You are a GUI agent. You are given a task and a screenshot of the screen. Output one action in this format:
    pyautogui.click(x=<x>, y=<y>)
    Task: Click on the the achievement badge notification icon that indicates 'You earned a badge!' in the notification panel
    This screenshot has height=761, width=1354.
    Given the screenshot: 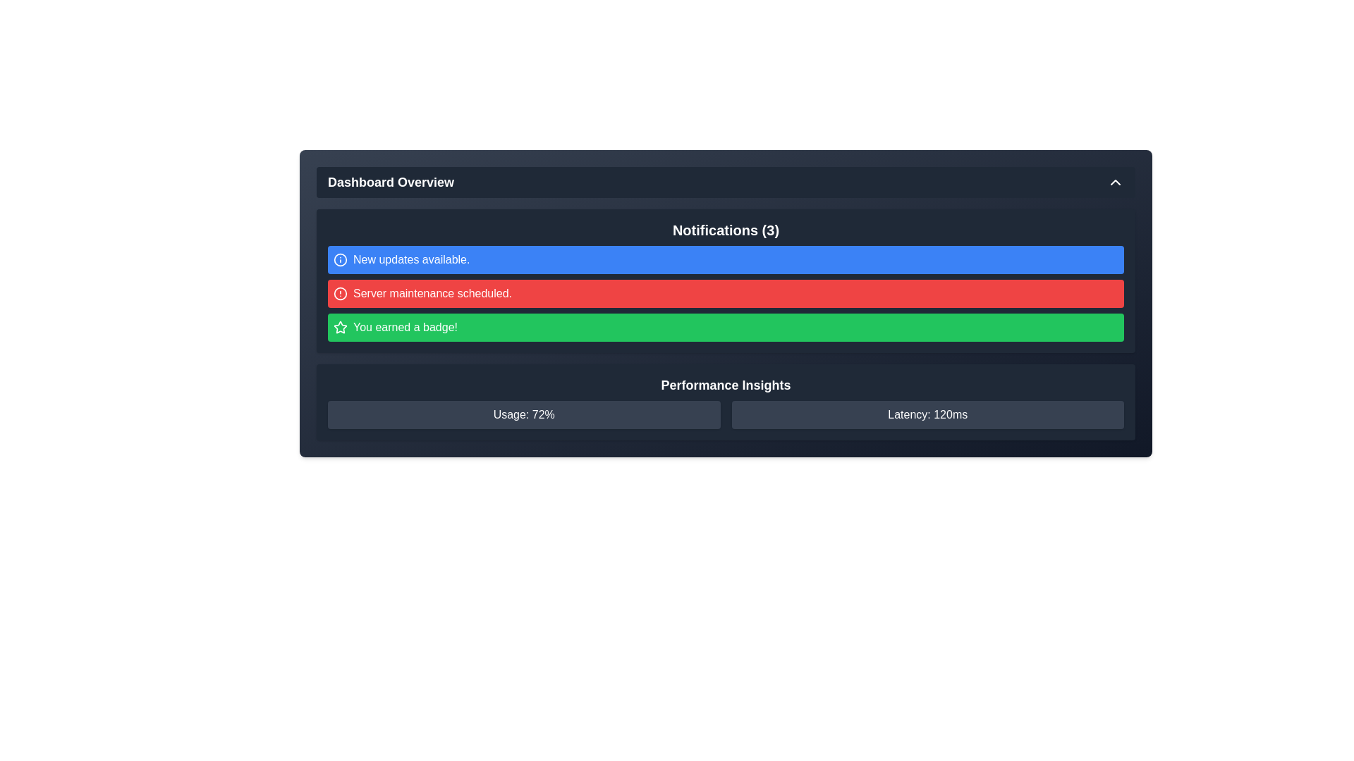 What is the action you would take?
    pyautogui.click(x=341, y=327)
    